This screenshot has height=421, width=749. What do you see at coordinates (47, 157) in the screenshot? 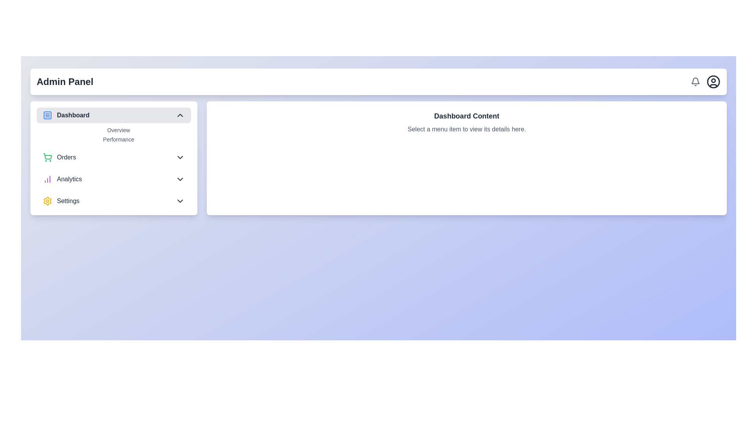
I see `the shopping cart icon representing the 'Orders' section located in the left sidebar menu, positioned beneath the 'Dashboard' section and above the 'Analytics' section` at bounding box center [47, 157].